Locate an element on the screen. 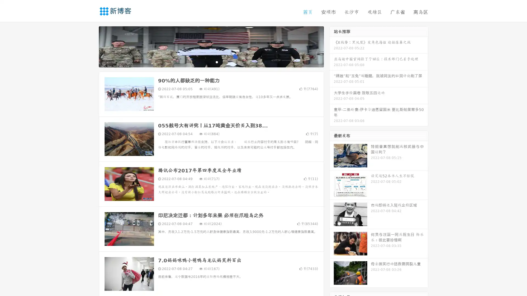 The image size is (527, 296). Go to slide 3 is located at coordinates (217, 62).